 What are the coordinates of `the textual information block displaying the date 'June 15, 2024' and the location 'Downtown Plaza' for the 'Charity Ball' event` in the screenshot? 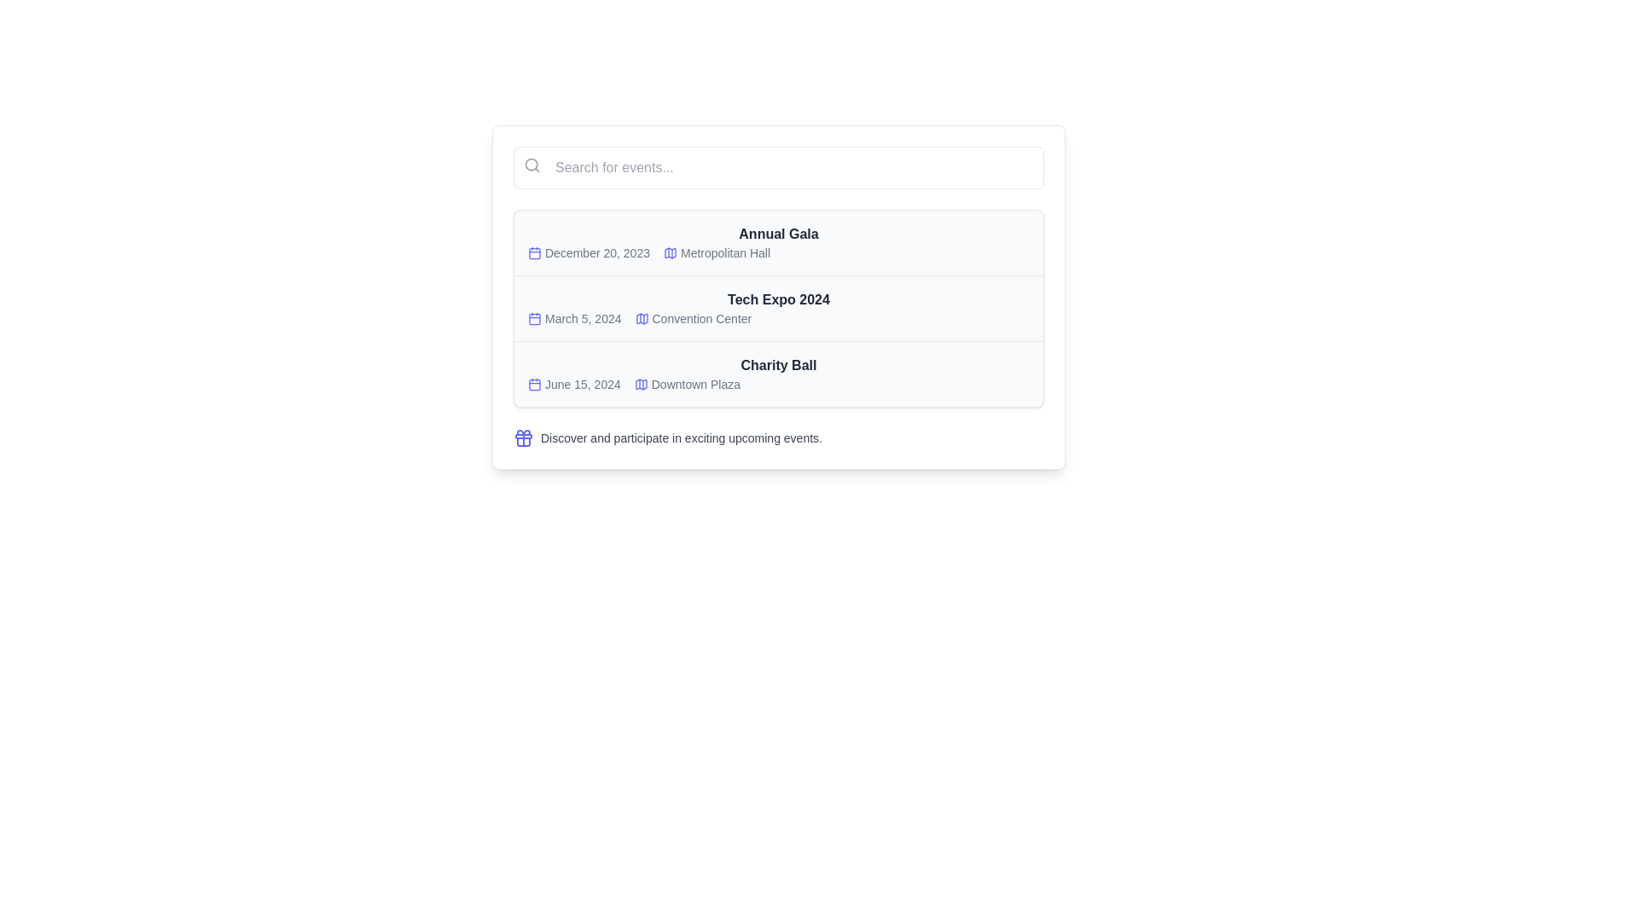 It's located at (777, 385).